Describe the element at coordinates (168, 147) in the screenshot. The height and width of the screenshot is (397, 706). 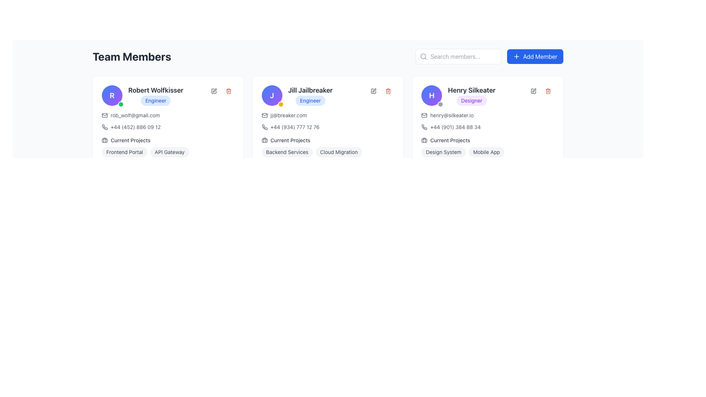
I see `the 'API Gateway' badge located within the List component under 'Current Projects' for Robert Wolfkisser` at that location.